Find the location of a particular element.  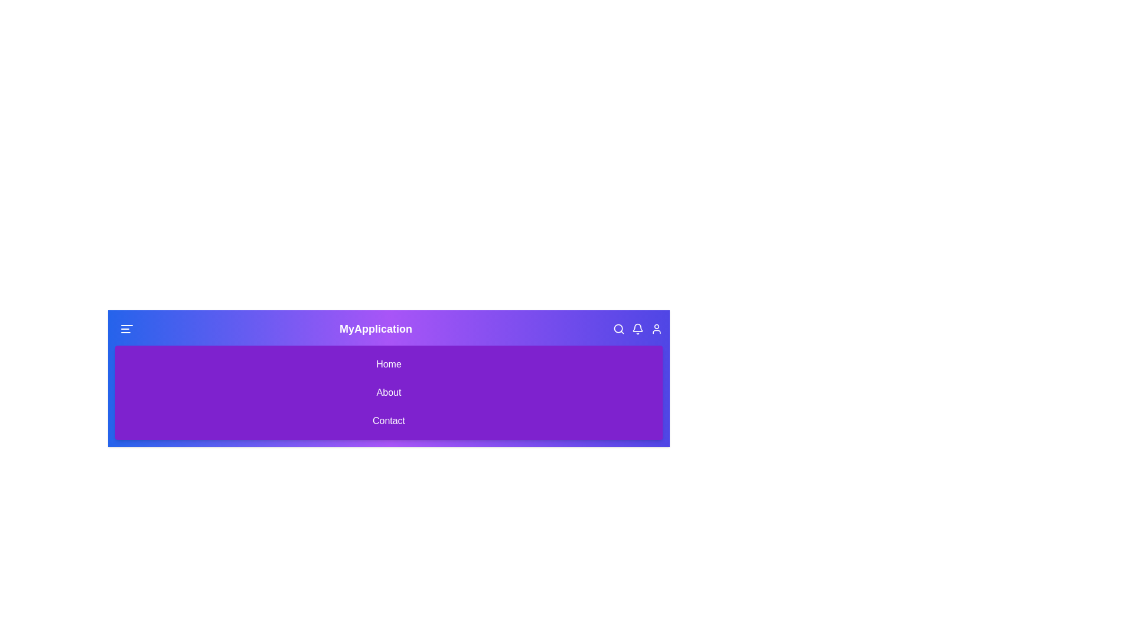

the user icon to access the user profile is located at coordinates (656, 329).